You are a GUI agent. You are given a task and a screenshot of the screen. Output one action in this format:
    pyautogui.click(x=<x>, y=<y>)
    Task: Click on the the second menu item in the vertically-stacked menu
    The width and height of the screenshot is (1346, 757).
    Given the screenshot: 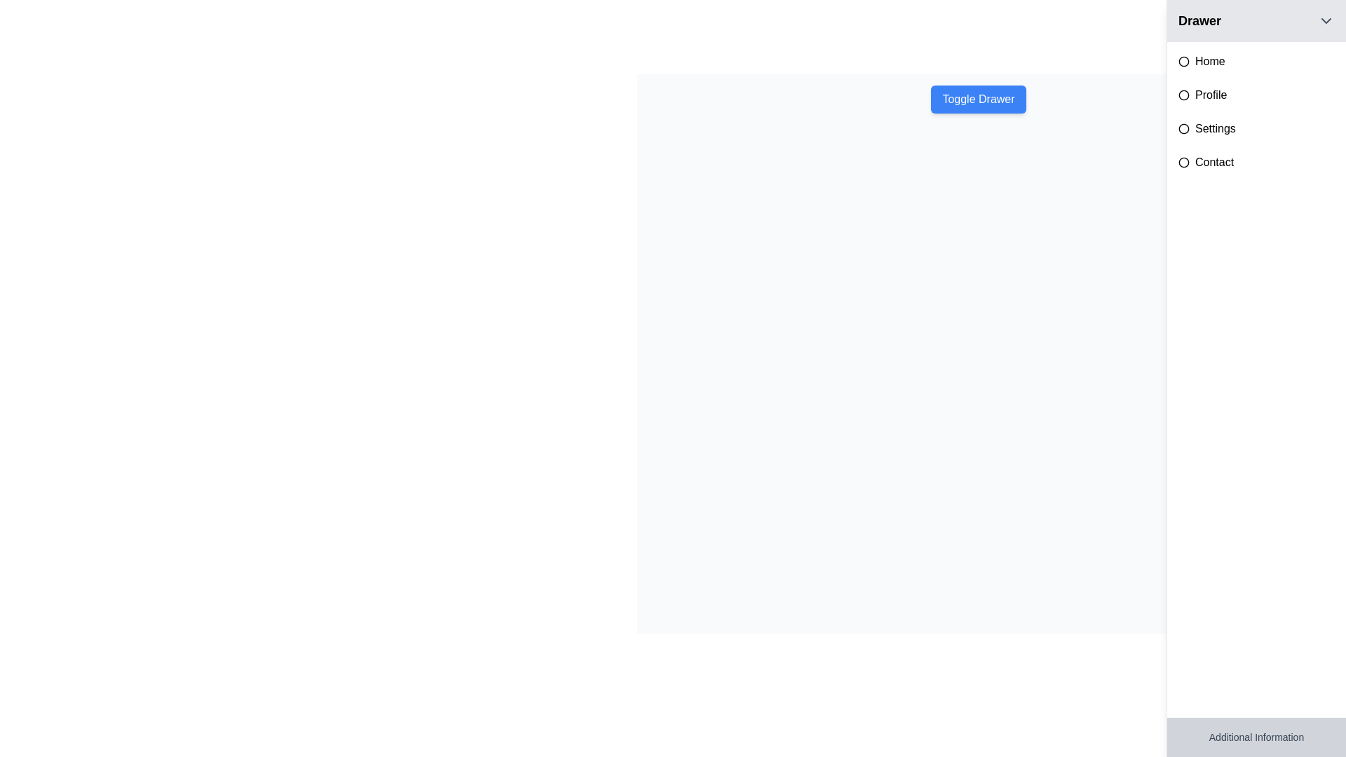 What is the action you would take?
    pyautogui.click(x=1256, y=95)
    